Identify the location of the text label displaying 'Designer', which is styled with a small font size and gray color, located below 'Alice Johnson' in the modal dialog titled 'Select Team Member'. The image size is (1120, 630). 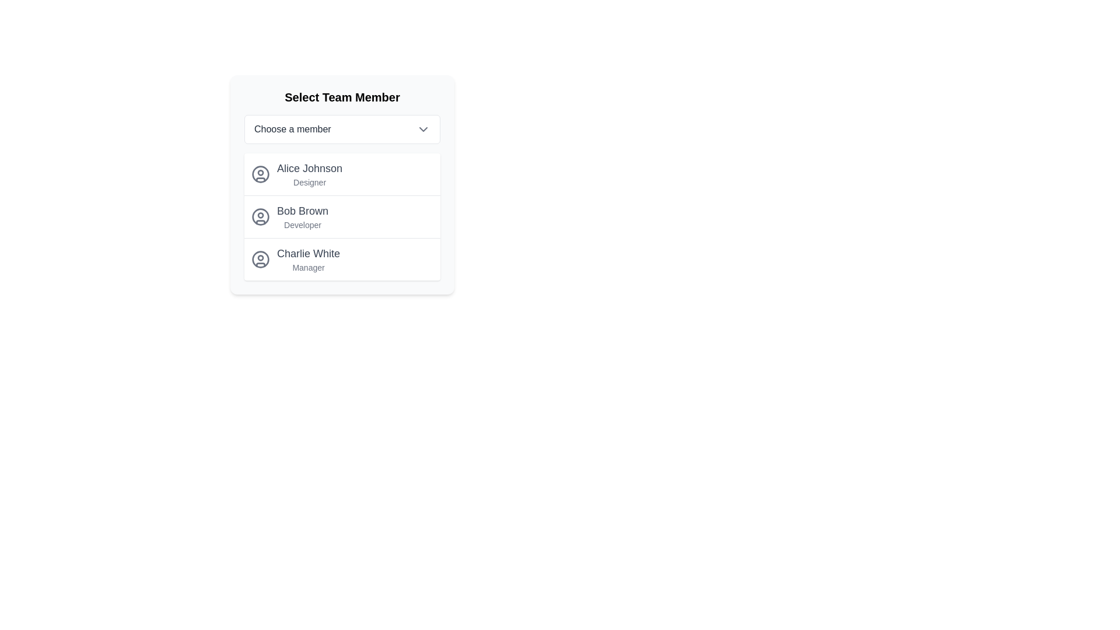
(310, 182).